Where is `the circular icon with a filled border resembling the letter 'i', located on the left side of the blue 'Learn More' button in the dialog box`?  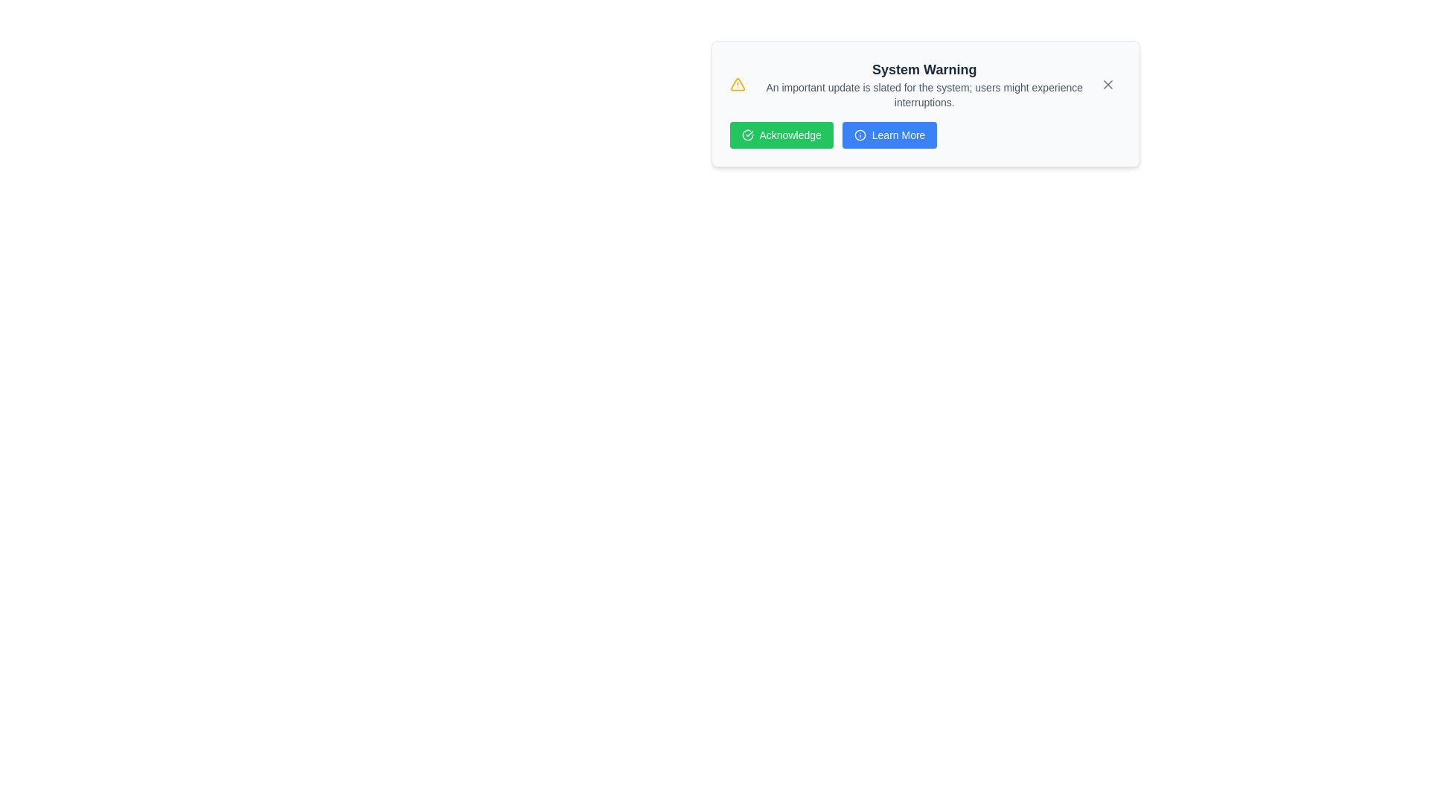 the circular icon with a filled border resembling the letter 'i', located on the left side of the blue 'Learn More' button in the dialog box is located at coordinates (860, 135).